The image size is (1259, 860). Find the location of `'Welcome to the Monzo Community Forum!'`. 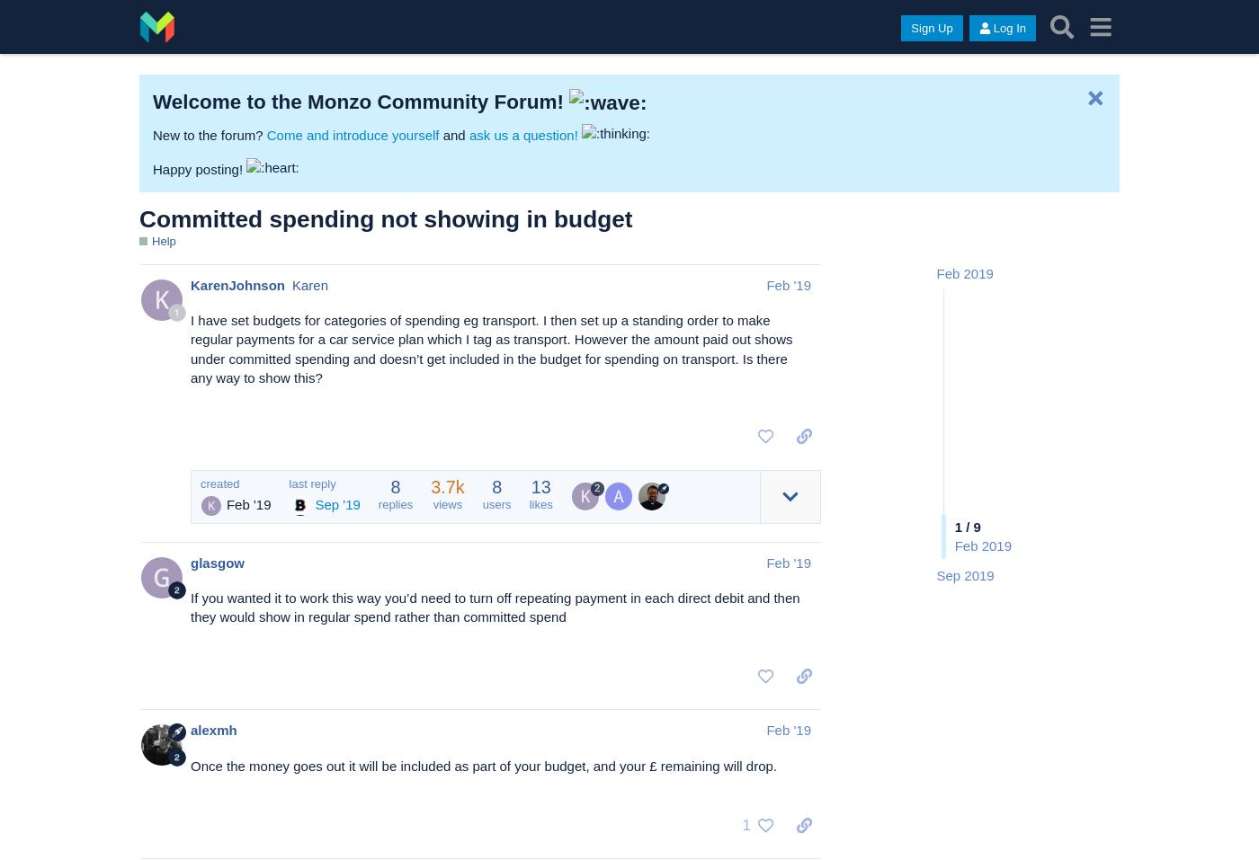

'Welcome to the Monzo Community Forum!' is located at coordinates (152, 101).